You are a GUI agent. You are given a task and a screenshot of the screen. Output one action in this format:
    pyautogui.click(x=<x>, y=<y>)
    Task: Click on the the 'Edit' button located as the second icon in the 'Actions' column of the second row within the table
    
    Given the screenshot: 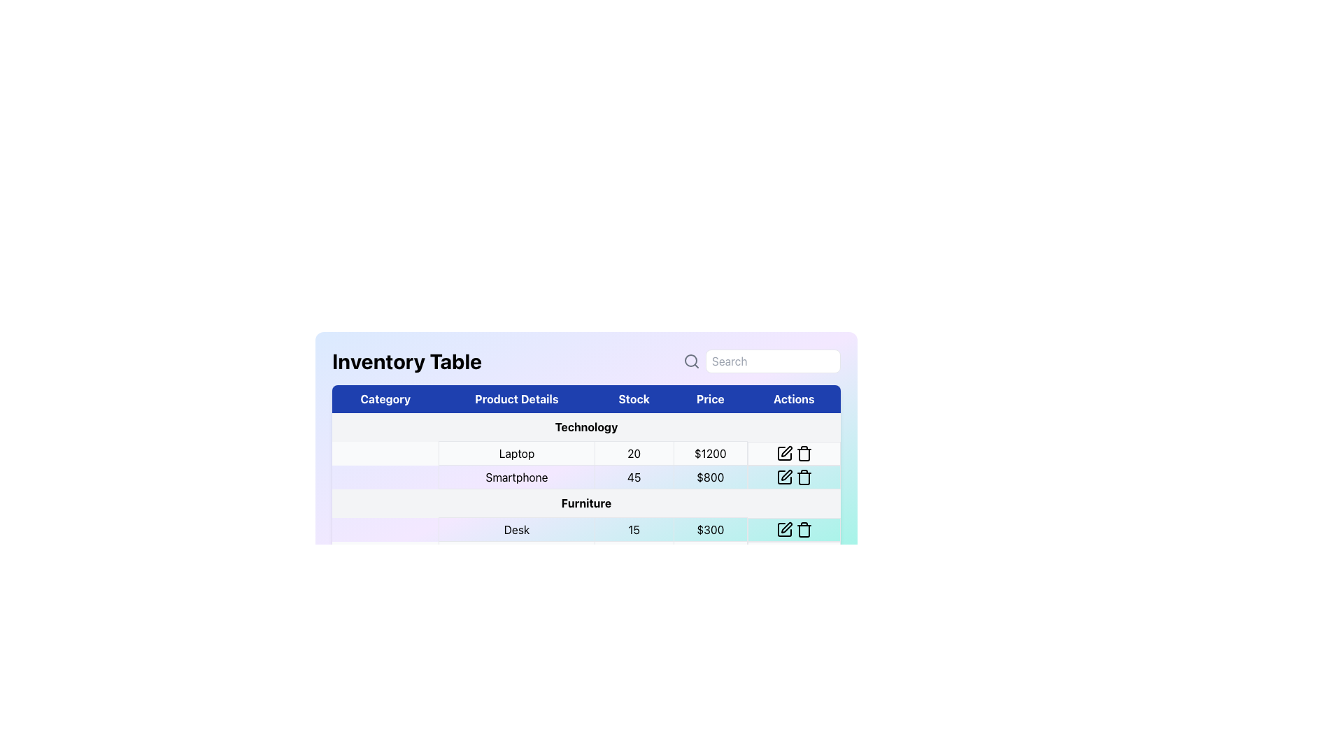 What is the action you would take?
    pyautogui.click(x=786, y=450)
    